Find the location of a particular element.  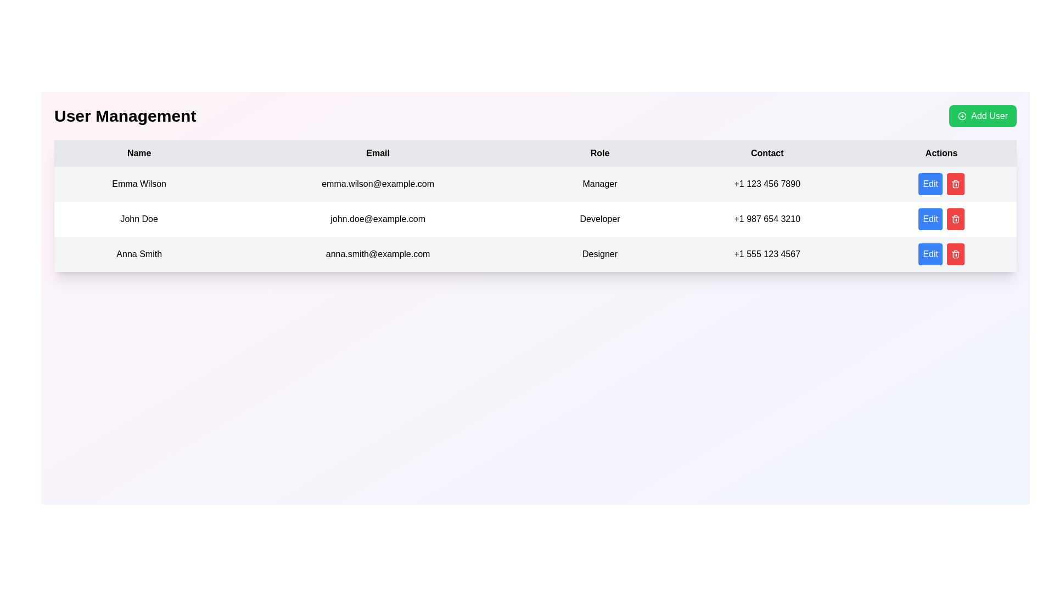

the text label displaying the professional role 'Developer' located in the third column of the second row under the header 'Role' is located at coordinates (599, 219).